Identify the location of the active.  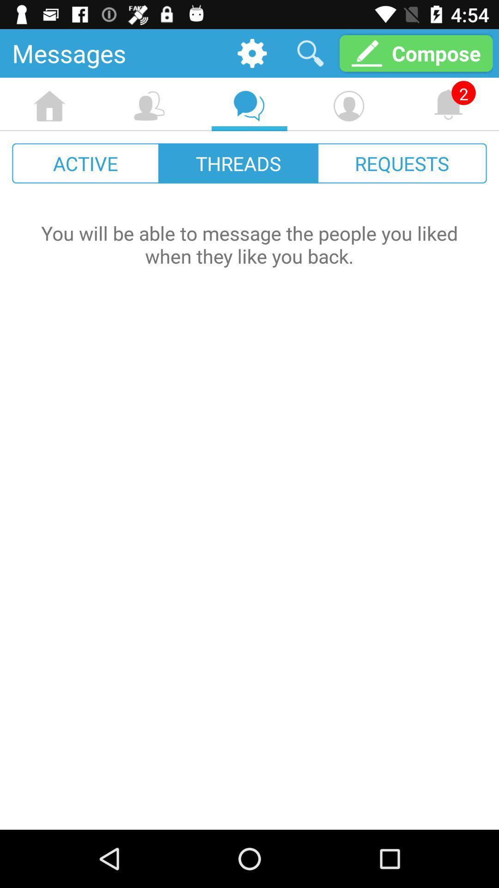
(85, 163).